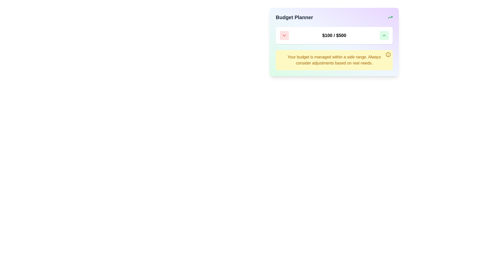  What do you see at coordinates (334, 35) in the screenshot?
I see `the text display that shows the current and total amounts of a budget within the 'Budget Planner' box, which is centrally located and flanked by two buttons with arrows` at bounding box center [334, 35].